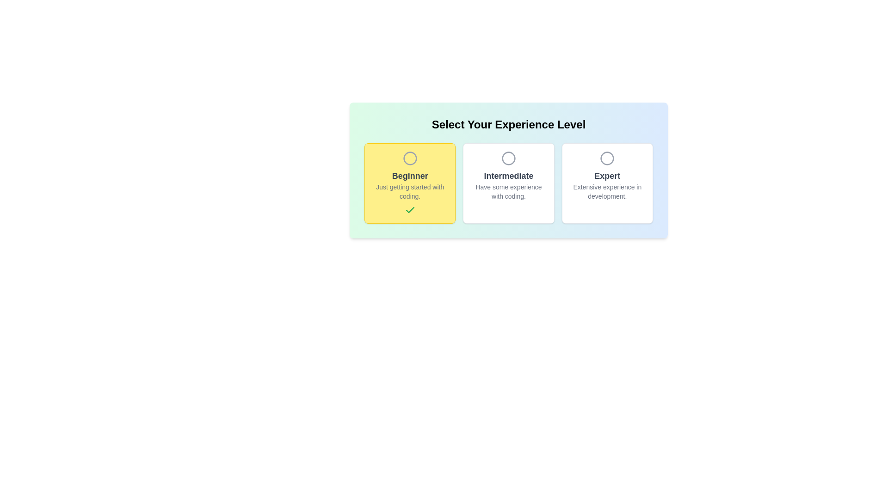 Image resolution: width=888 pixels, height=499 pixels. Describe the element at coordinates (607, 176) in the screenshot. I see `'Expert' choice category label positioned in the rightmost segment of a three-part selection panel, above the text 'Extensive experience in development.'` at that location.